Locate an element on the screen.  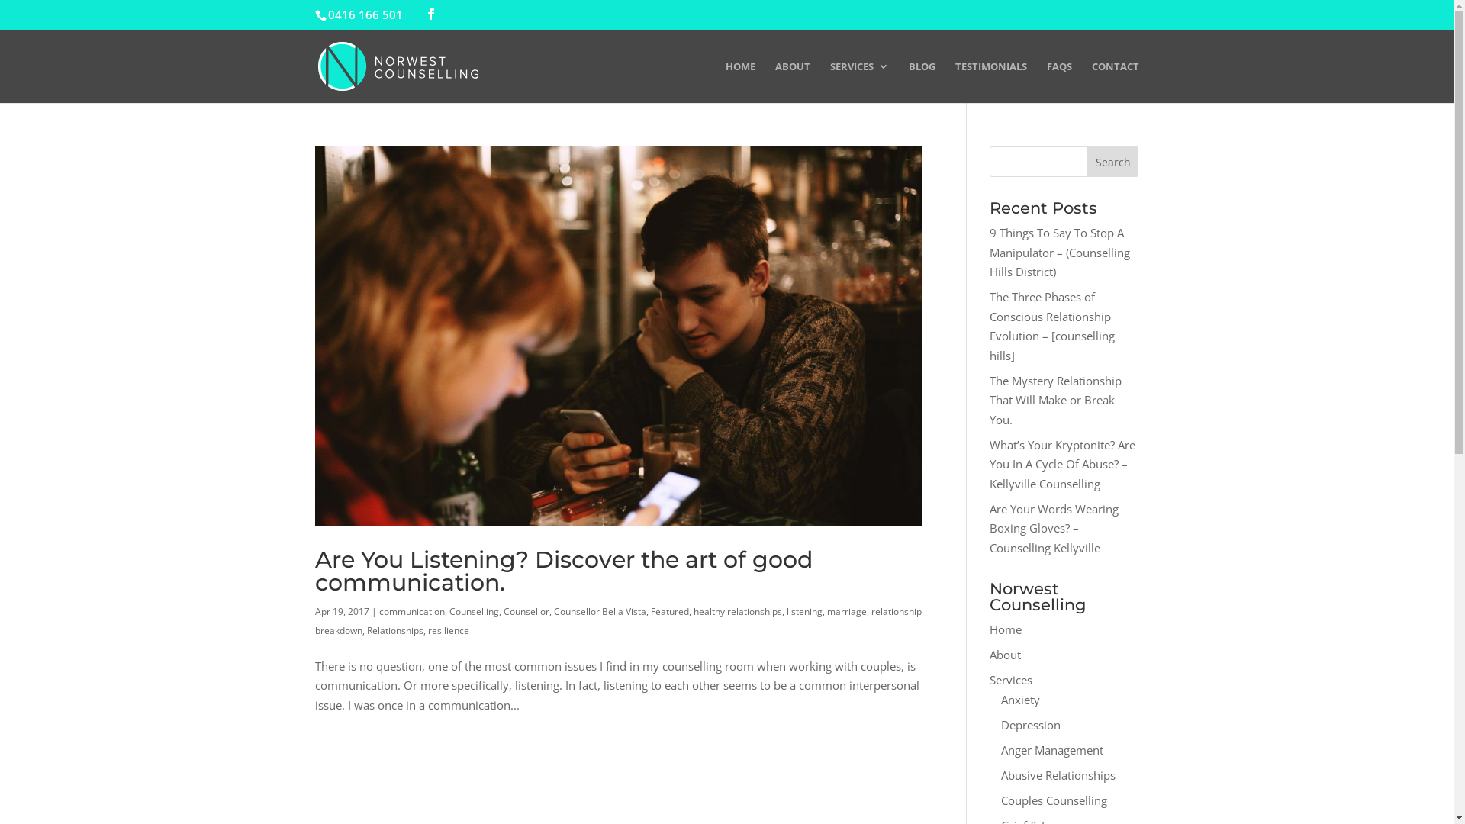
'TESTIMONIALS' is located at coordinates (955, 82).